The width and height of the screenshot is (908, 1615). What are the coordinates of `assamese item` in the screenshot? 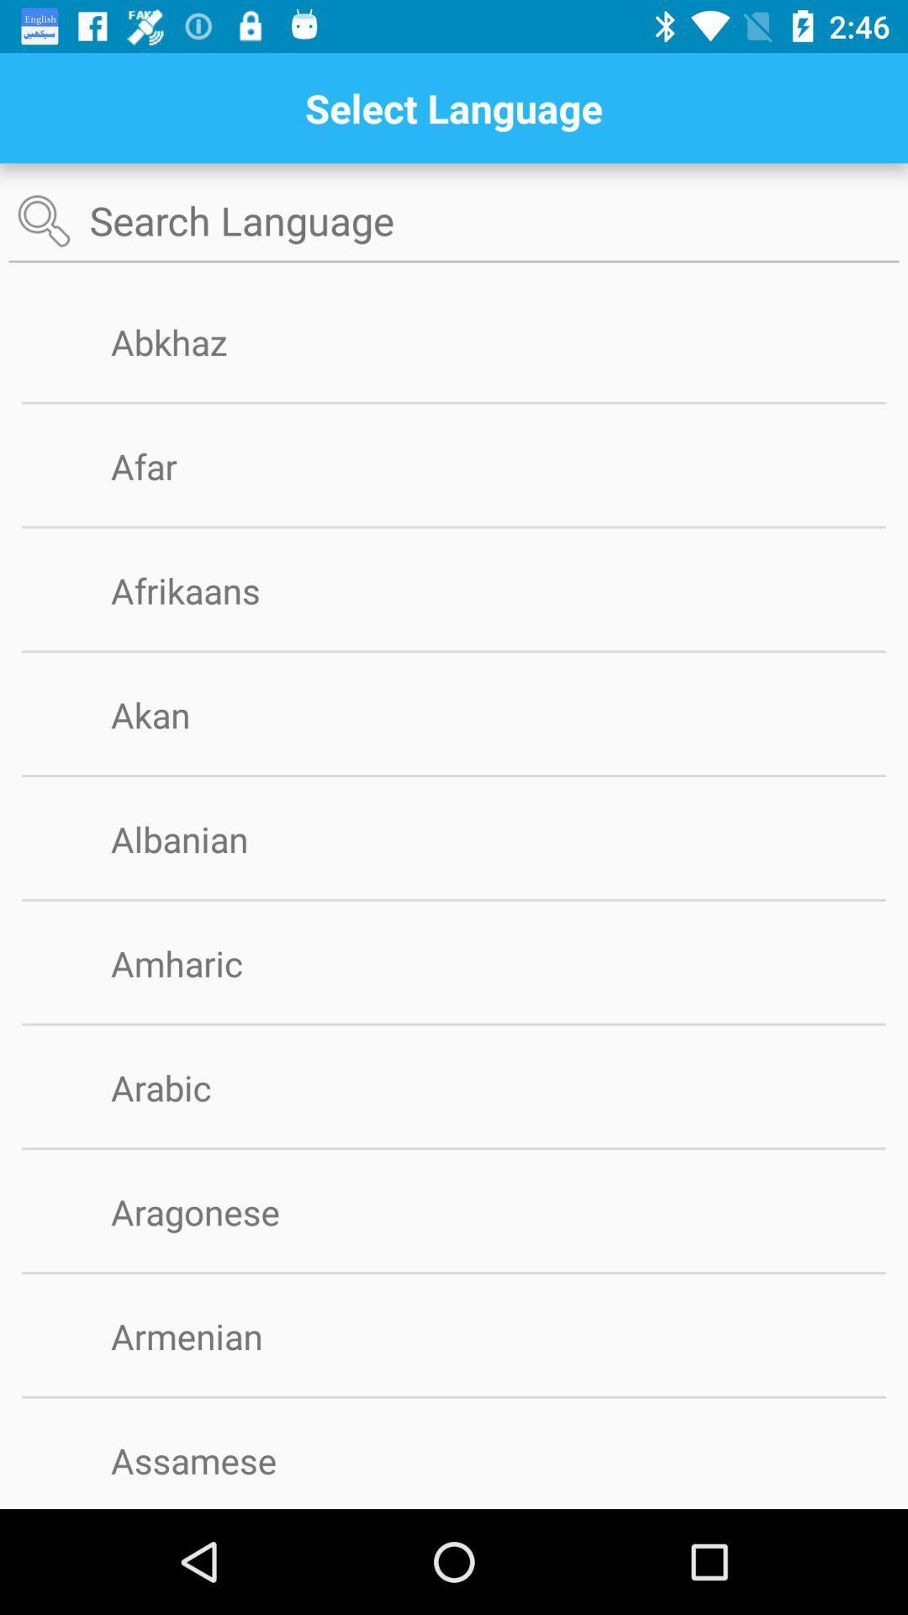 It's located at (220, 1459).